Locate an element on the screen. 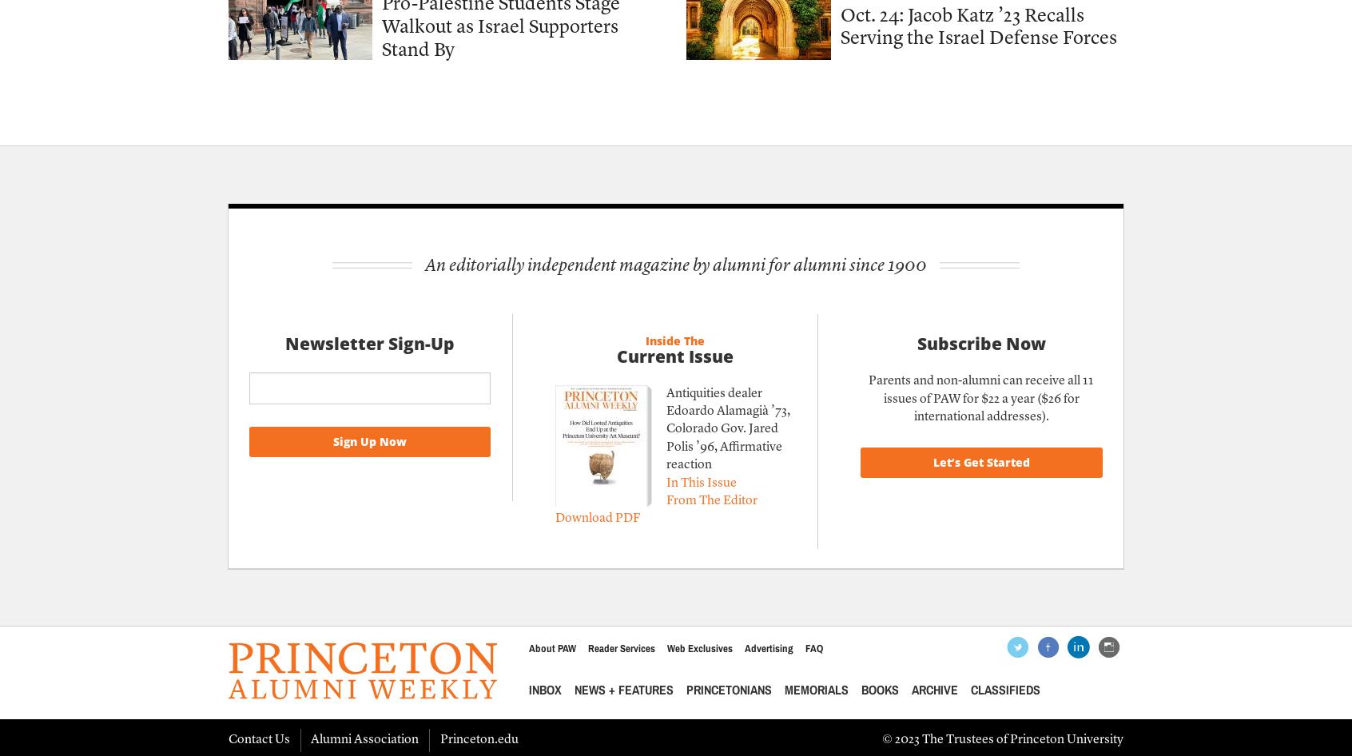 This screenshot has height=756, width=1352. 'FAQ' is located at coordinates (813, 648).